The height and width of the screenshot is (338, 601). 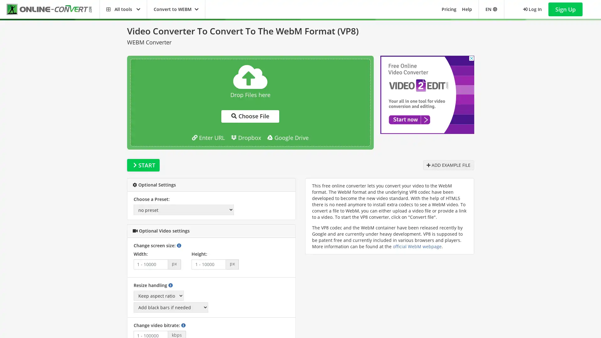 What do you see at coordinates (448, 165) in the screenshot?
I see `ADD EXAMPLE FILE` at bounding box center [448, 165].